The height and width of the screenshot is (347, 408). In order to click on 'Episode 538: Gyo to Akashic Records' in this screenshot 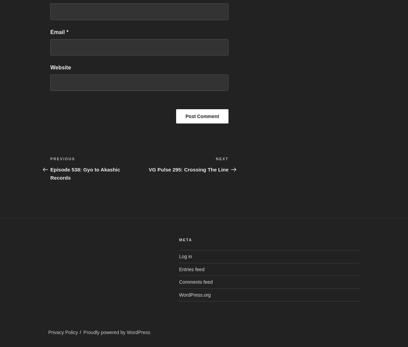, I will do `click(85, 173)`.